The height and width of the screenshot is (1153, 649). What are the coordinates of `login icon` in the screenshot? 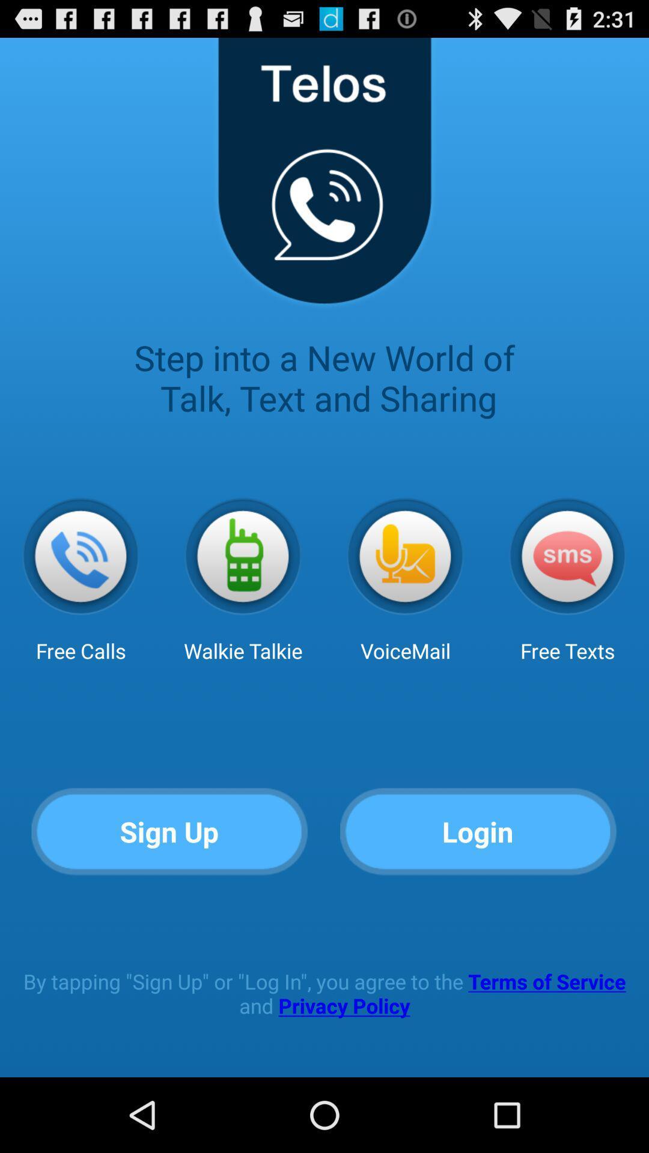 It's located at (478, 832).